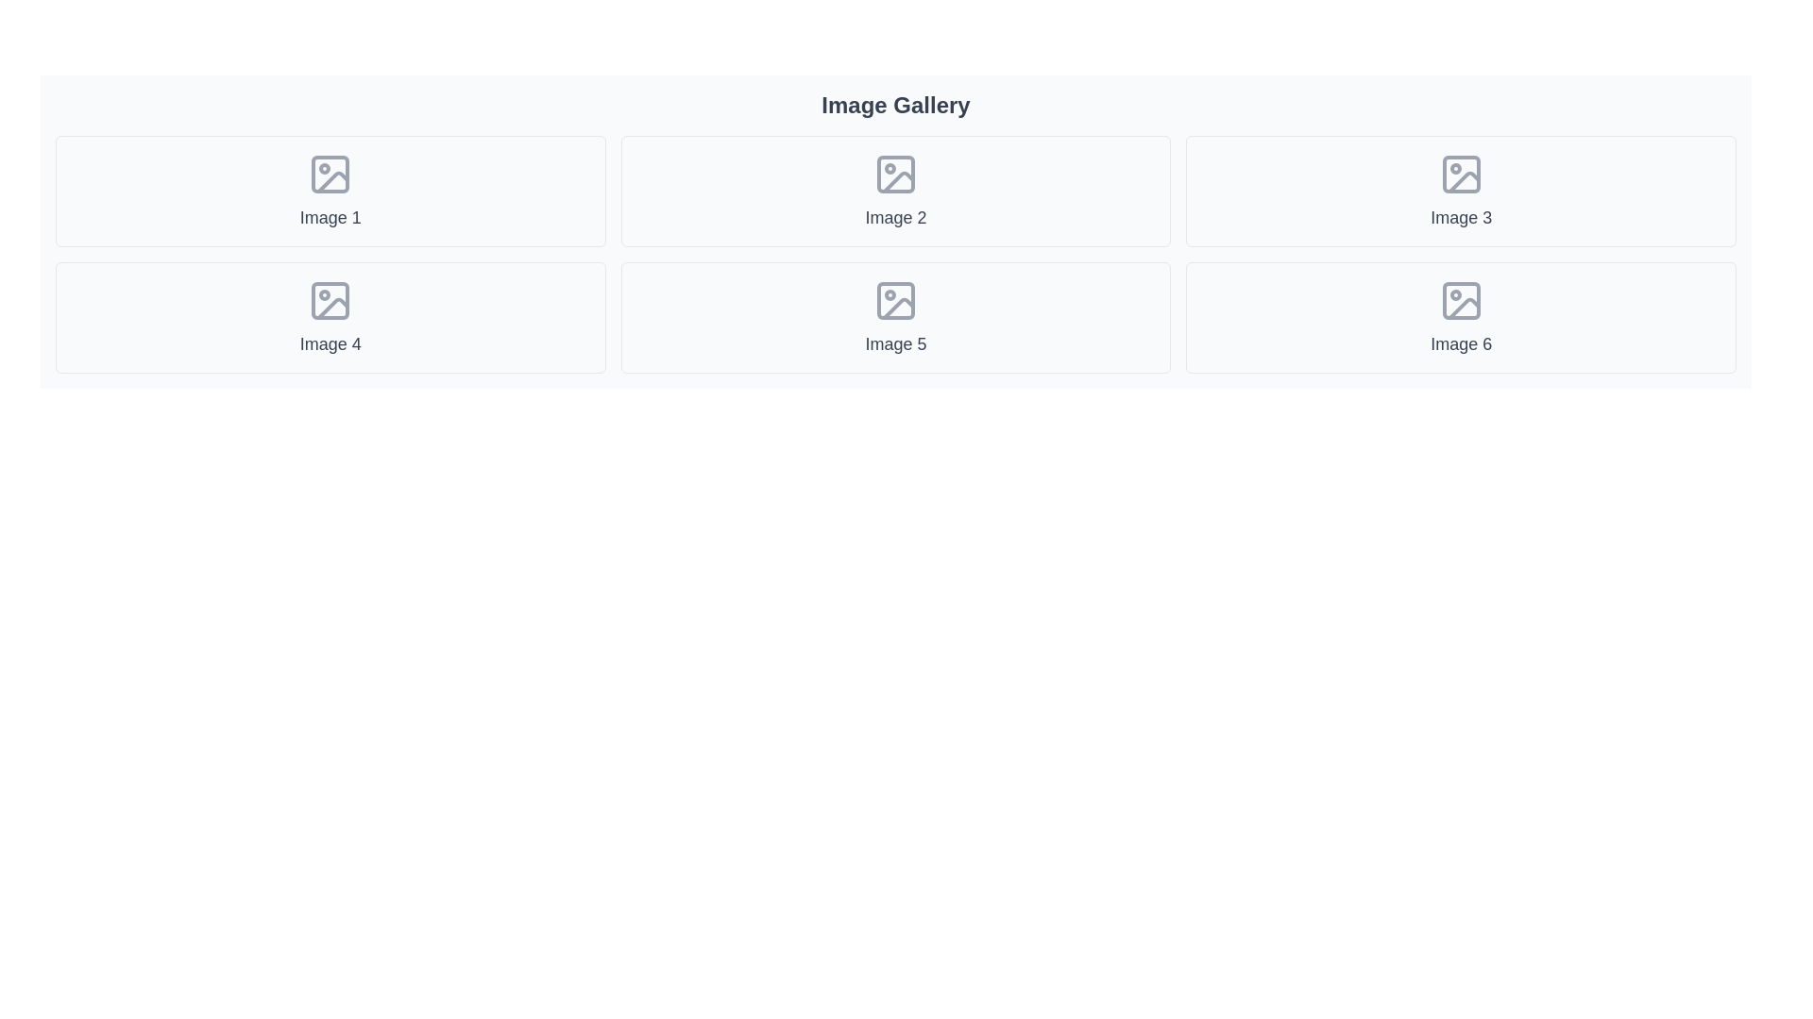 The height and width of the screenshot is (1019, 1813). What do you see at coordinates (895, 300) in the screenshot?
I see `the square icon resembling a generic image placeholder, which has a dot near the top left corner and a diagonal line across it, located in the fifth item of a 2x3 grid structure labeled 'Image 5'` at bounding box center [895, 300].